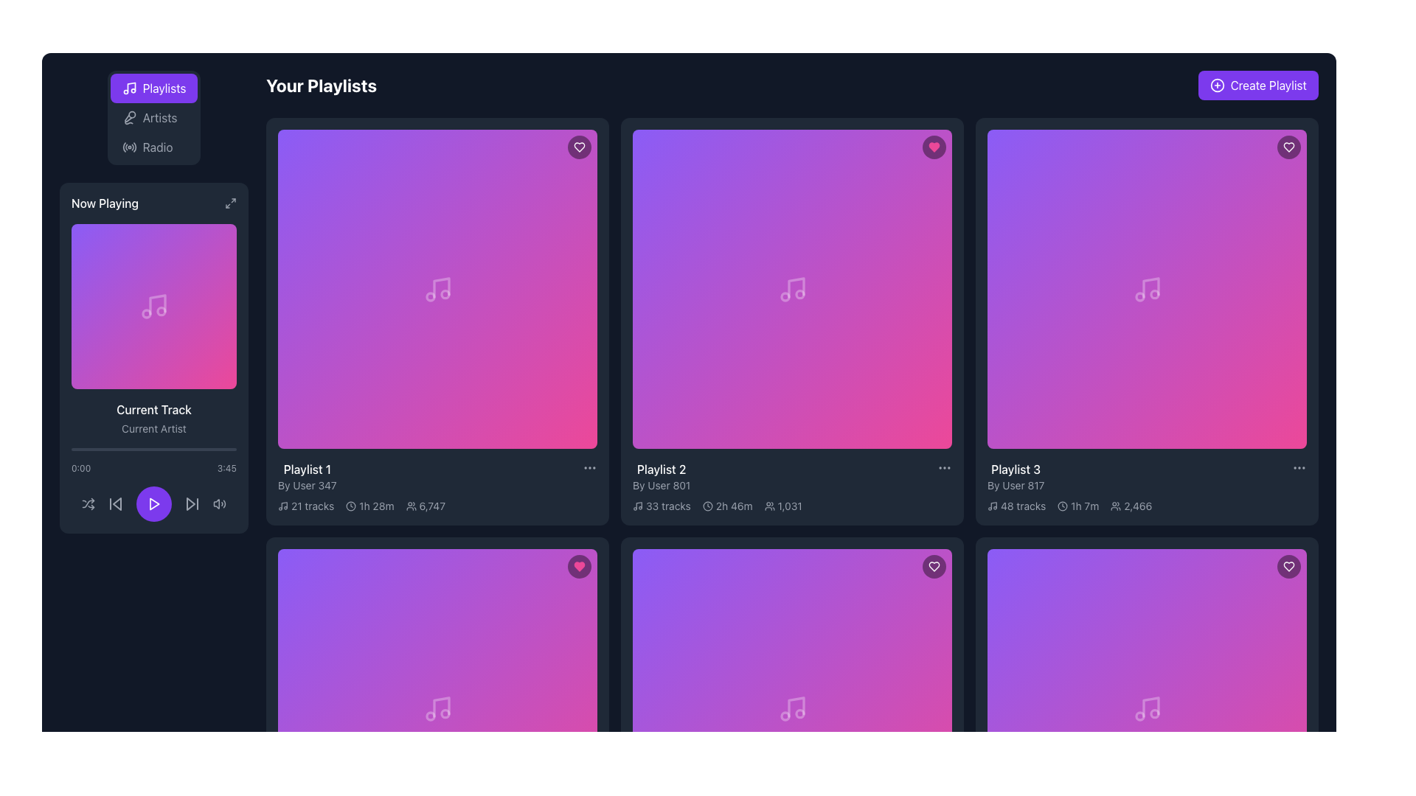 The width and height of the screenshot is (1416, 796). What do you see at coordinates (579, 147) in the screenshot?
I see `the heart-shaped icon located at the top-right corner of the first playlist card's header section` at bounding box center [579, 147].